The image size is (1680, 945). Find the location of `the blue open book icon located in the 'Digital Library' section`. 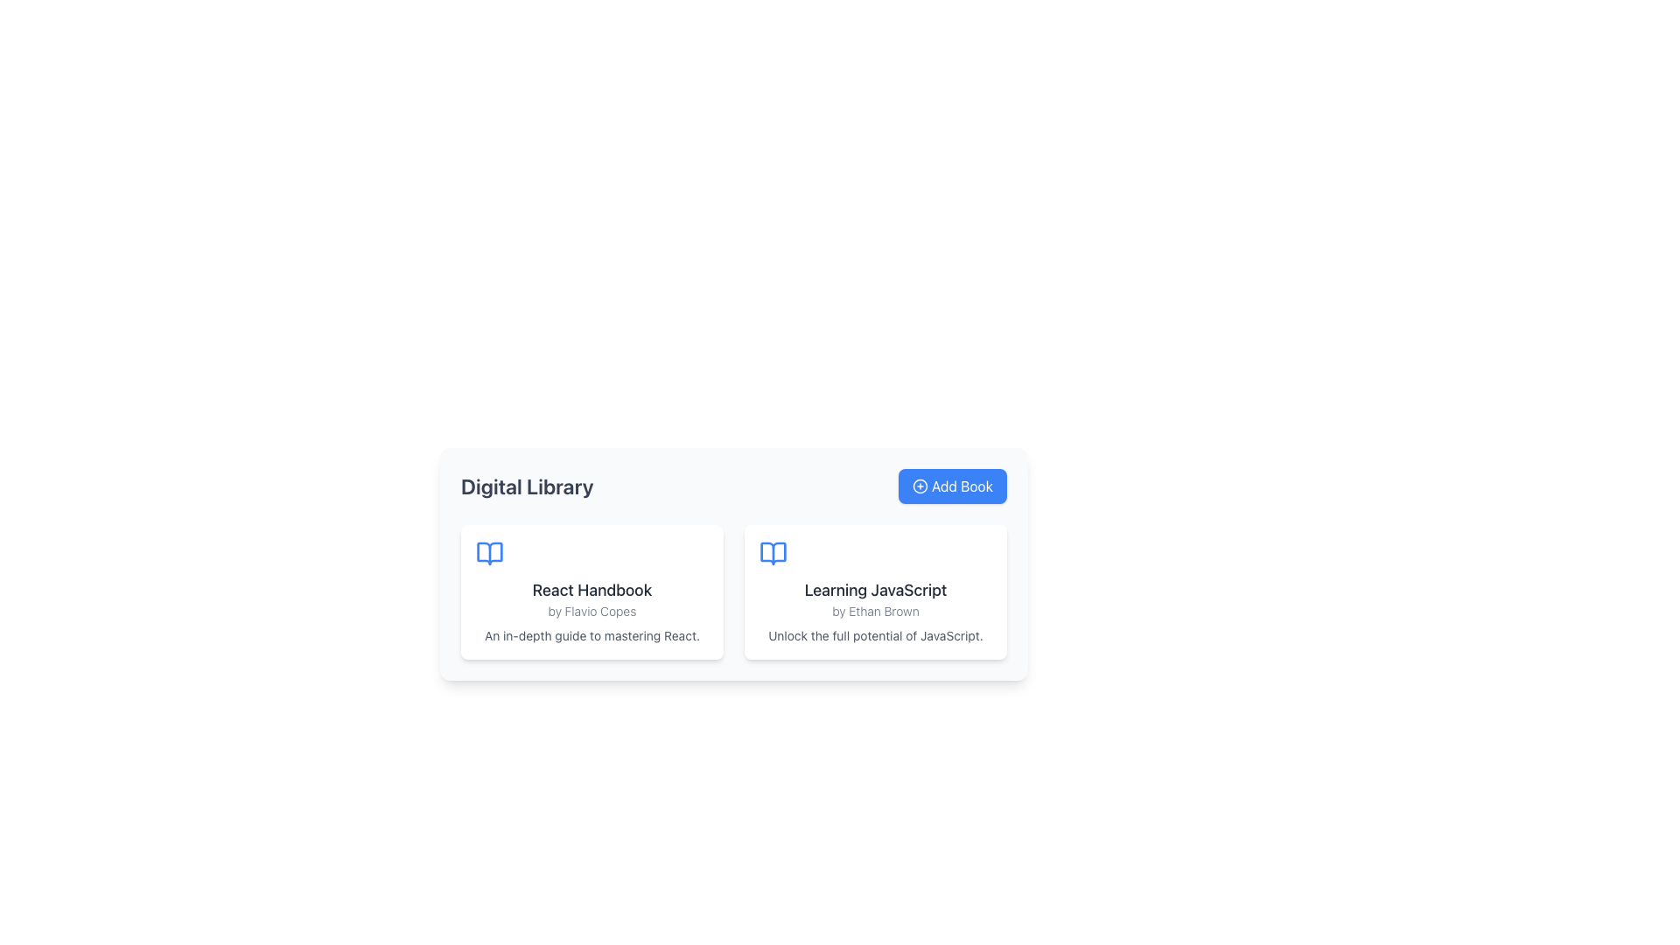

the blue open book icon located in the 'Digital Library' section is located at coordinates (490, 553).